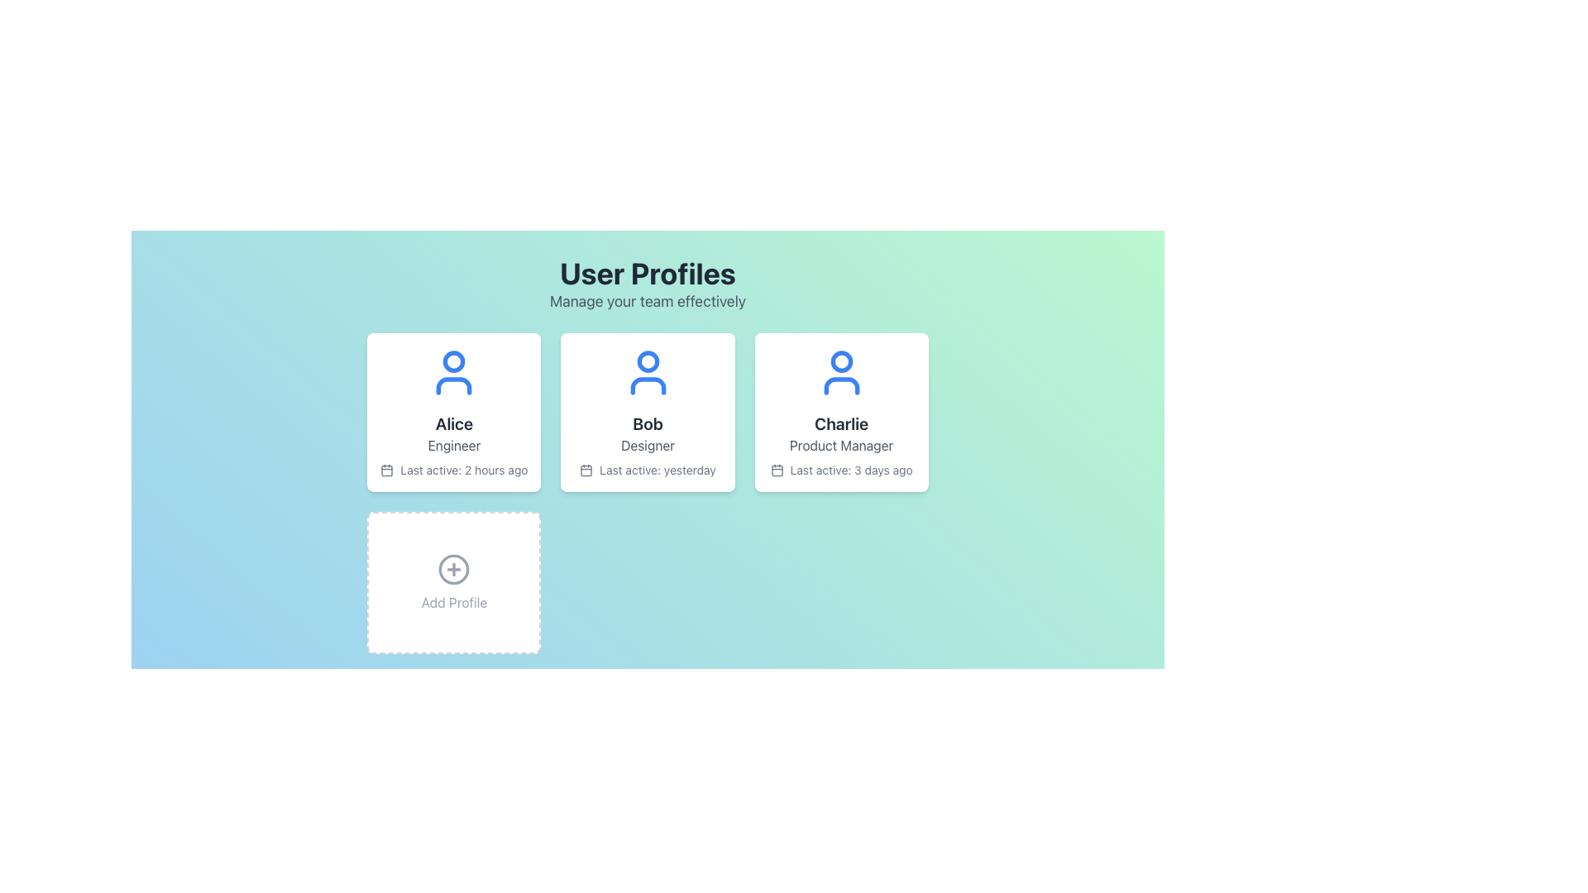 The height and width of the screenshot is (893, 1588). I want to click on the text label displaying the role 'Product Manager' for user Charlie in their profile card, which is located below the name 'Charlie' in the third profile card from the left, so click(841, 445).